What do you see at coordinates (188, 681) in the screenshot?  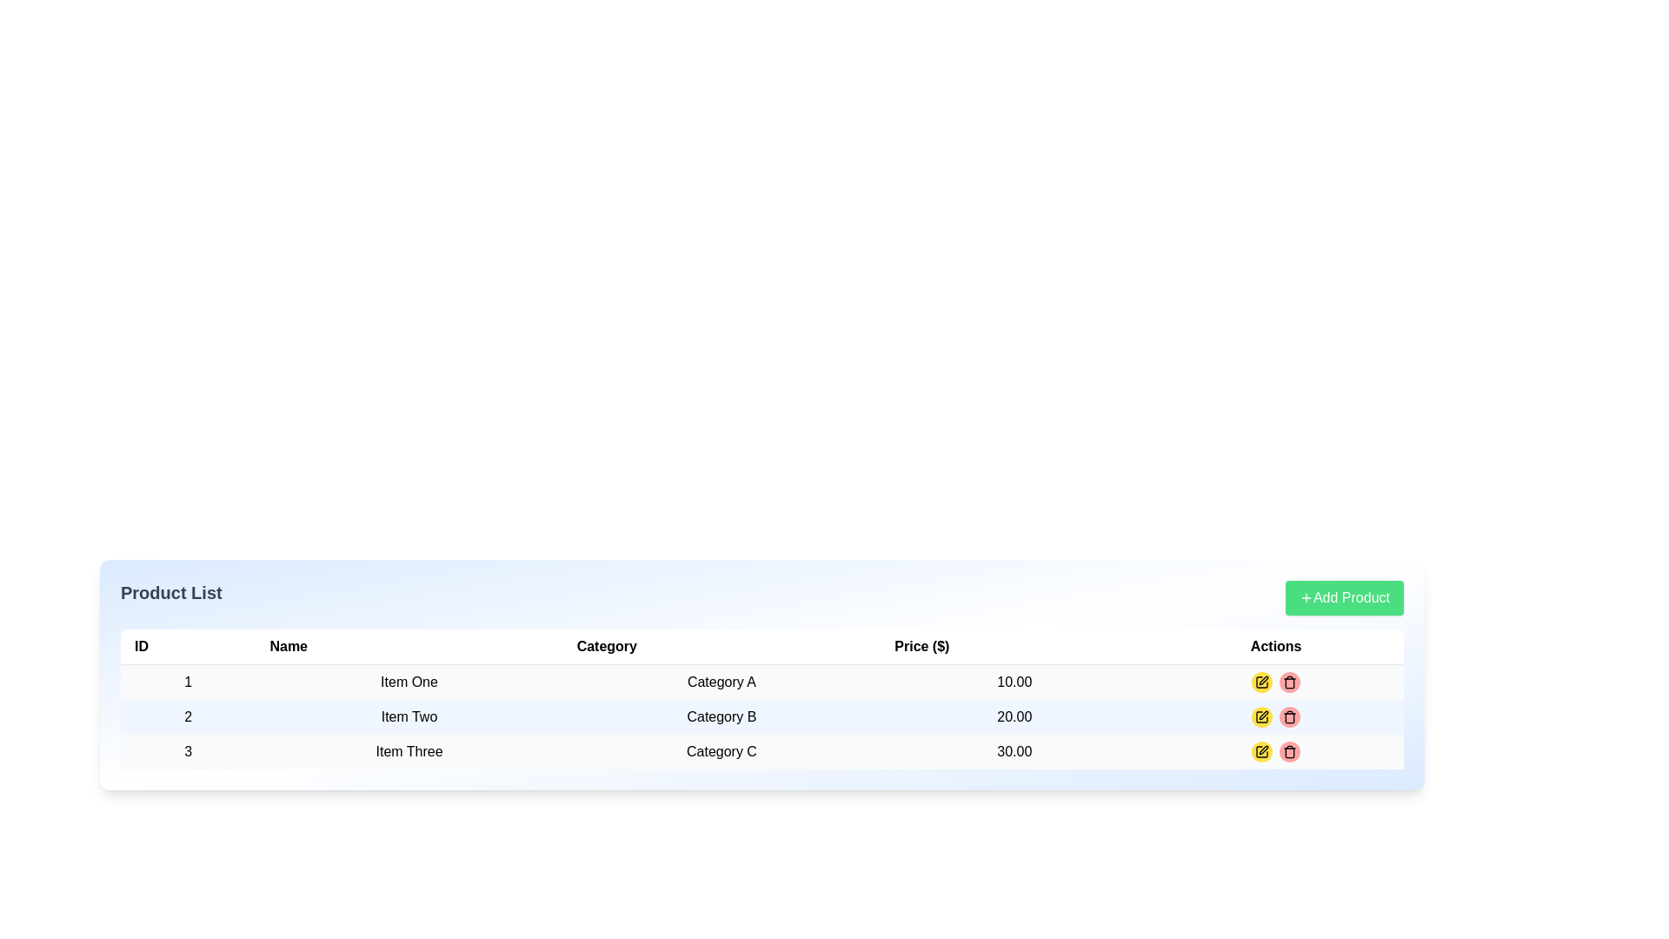 I see `the Text element representing the identification number for the first row entry labeled 'Item One' in the table` at bounding box center [188, 681].